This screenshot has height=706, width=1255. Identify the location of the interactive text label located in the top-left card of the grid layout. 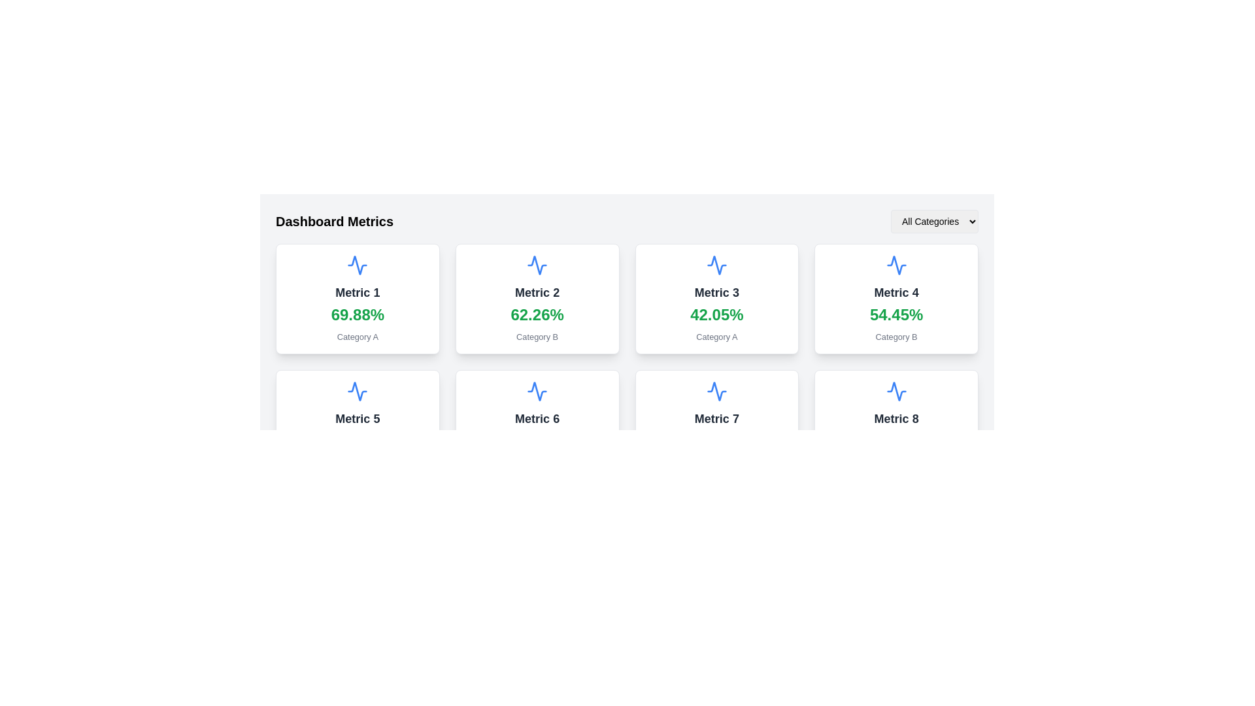
(358, 292).